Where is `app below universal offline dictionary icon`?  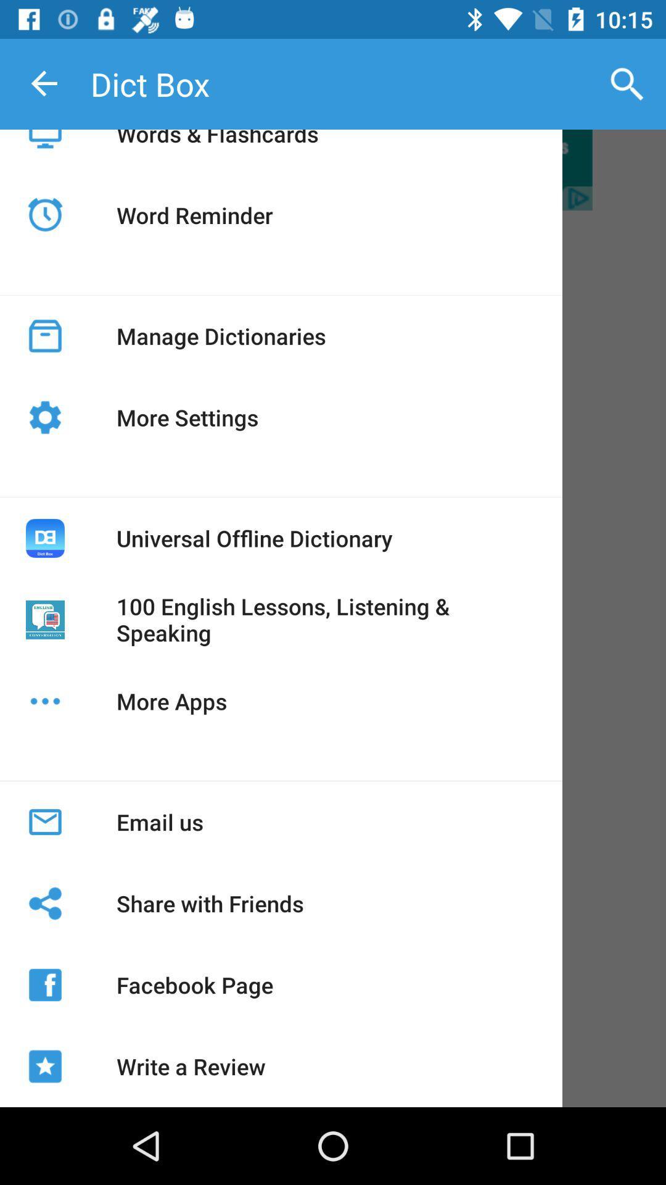
app below universal offline dictionary icon is located at coordinates (326, 620).